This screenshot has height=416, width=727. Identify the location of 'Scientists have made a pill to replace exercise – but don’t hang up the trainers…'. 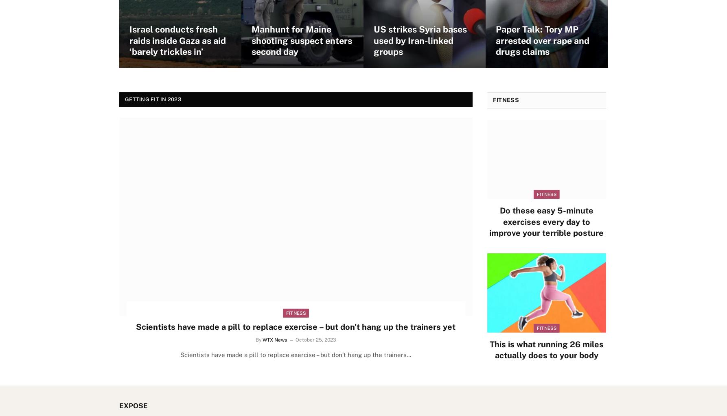
(180, 355).